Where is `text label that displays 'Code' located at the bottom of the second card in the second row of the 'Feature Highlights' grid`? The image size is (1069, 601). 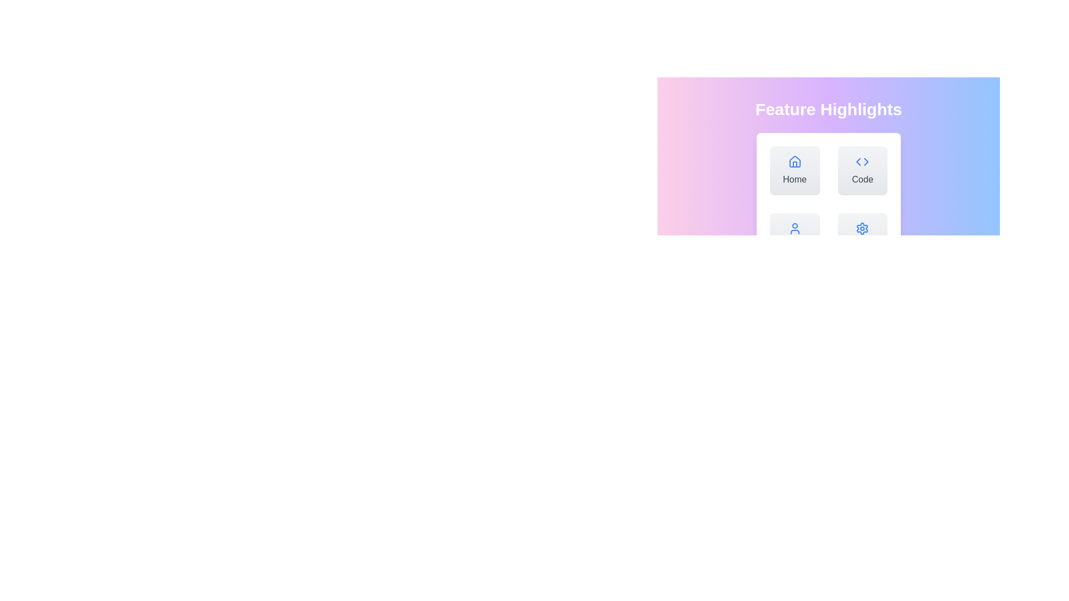 text label that displays 'Code' located at the bottom of the second card in the second row of the 'Feature Highlights' grid is located at coordinates (862, 179).